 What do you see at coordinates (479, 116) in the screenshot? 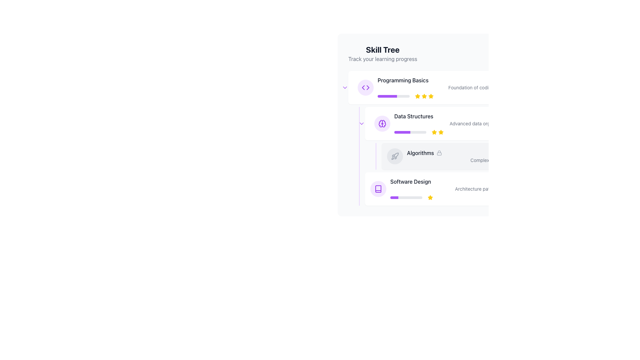
I see `the 'Data Structures' text element` at bounding box center [479, 116].